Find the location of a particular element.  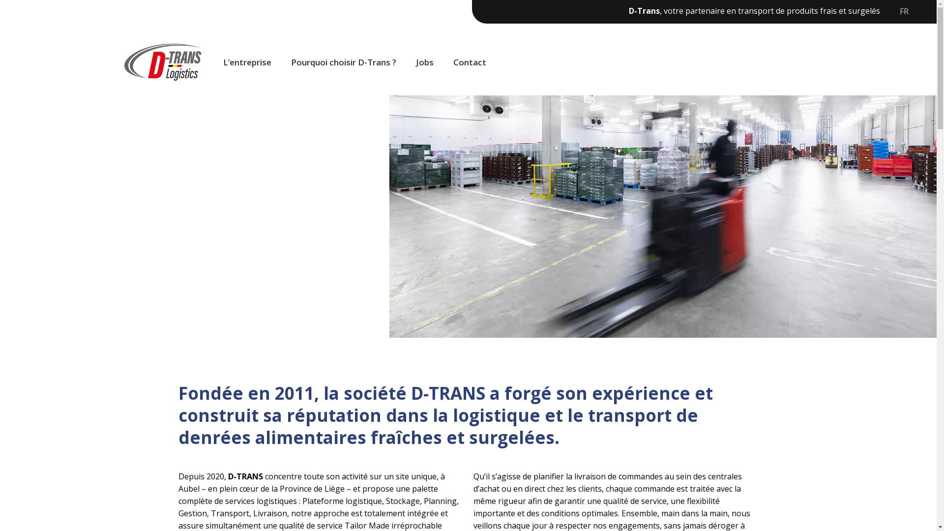

'Jobs' is located at coordinates (425, 62).